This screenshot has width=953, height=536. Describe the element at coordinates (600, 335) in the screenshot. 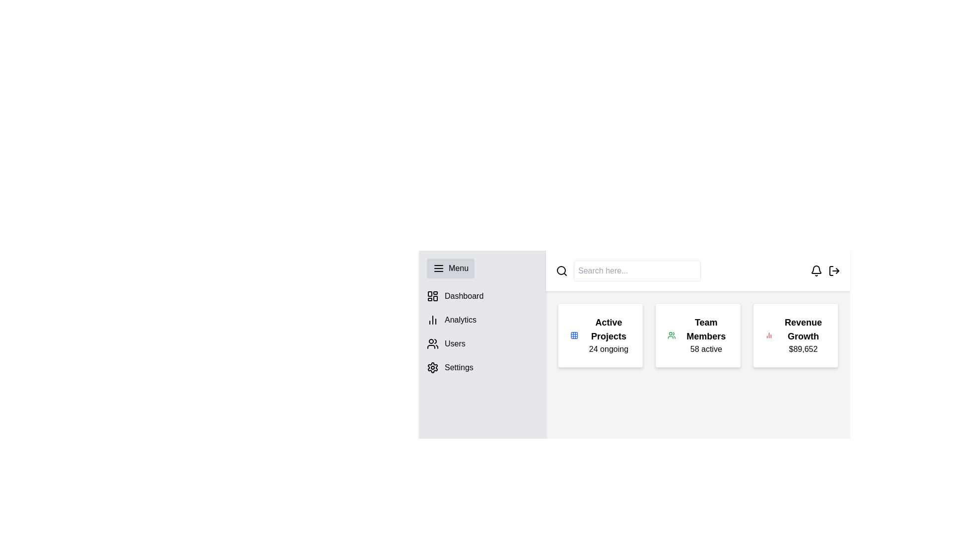

I see `the information inside the 'Active Projects' card, which is the first card in a grid layout displaying project status and count` at that location.